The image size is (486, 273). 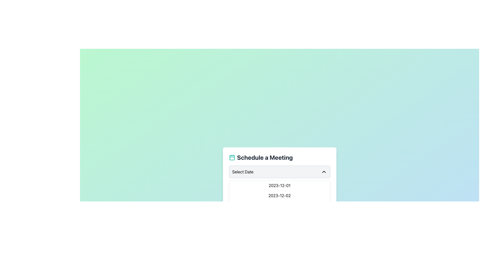 What do you see at coordinates (279, 195) in the screenshot?
I see `the date options in the dropdown menu` at bounding box center [279, 195].